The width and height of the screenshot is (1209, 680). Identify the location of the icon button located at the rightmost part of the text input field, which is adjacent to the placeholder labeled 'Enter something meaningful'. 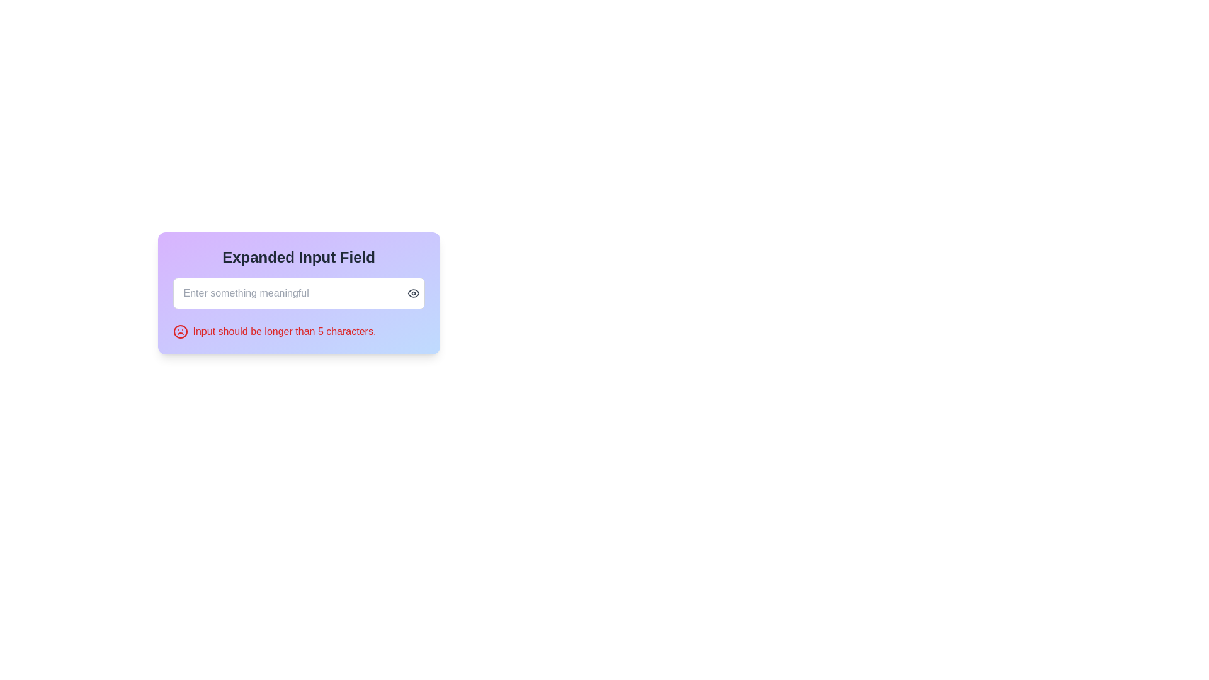
(413, 293).